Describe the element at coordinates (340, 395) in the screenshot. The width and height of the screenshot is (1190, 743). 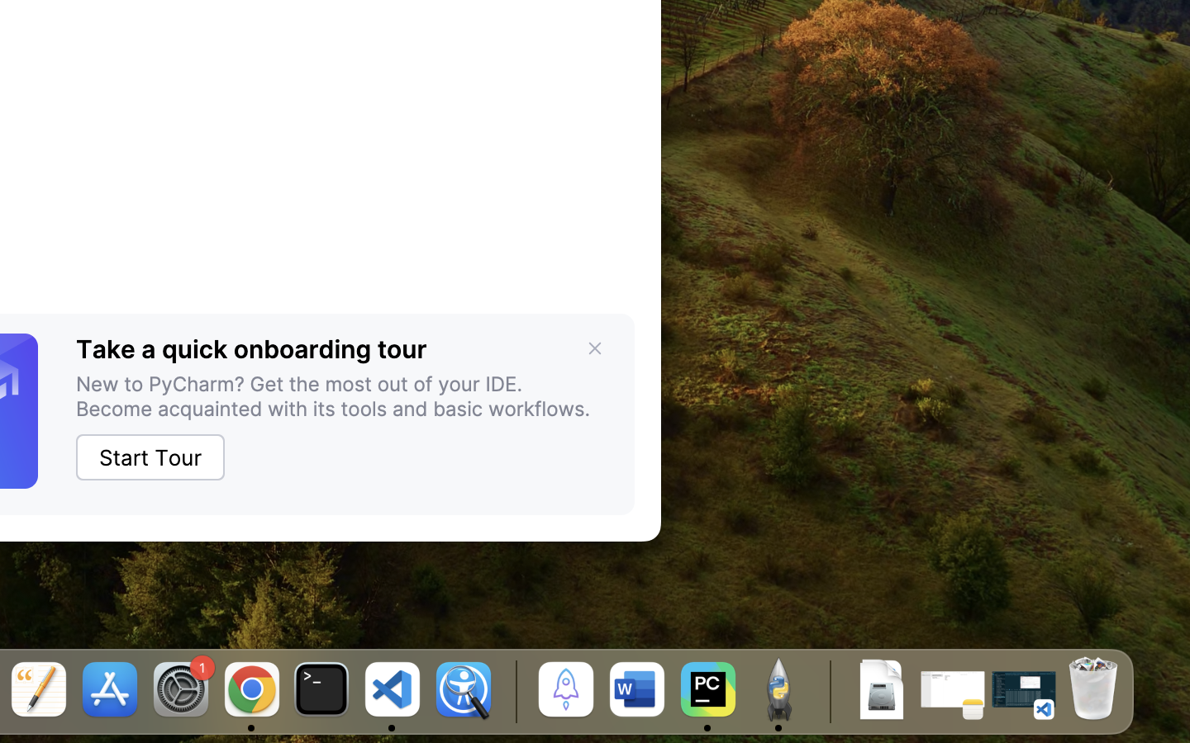
I see `'New to PyCharm? Get the most out of your IDE. Become acquainted with its tools and basic workflows.'` at that location.